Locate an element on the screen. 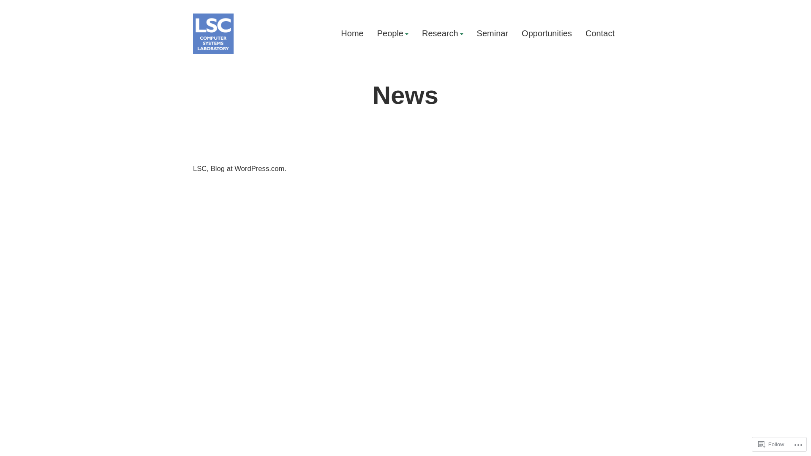 This screenshot has width=811, height=456. 'Contact' is located at coordinates (599, 33).